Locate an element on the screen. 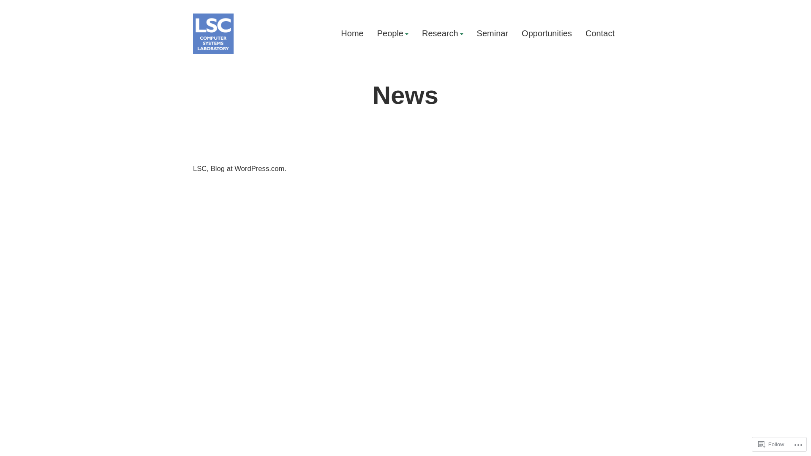 This screenshot has width=811, height=456. 'Contact' is located at coordinates (599, 33).